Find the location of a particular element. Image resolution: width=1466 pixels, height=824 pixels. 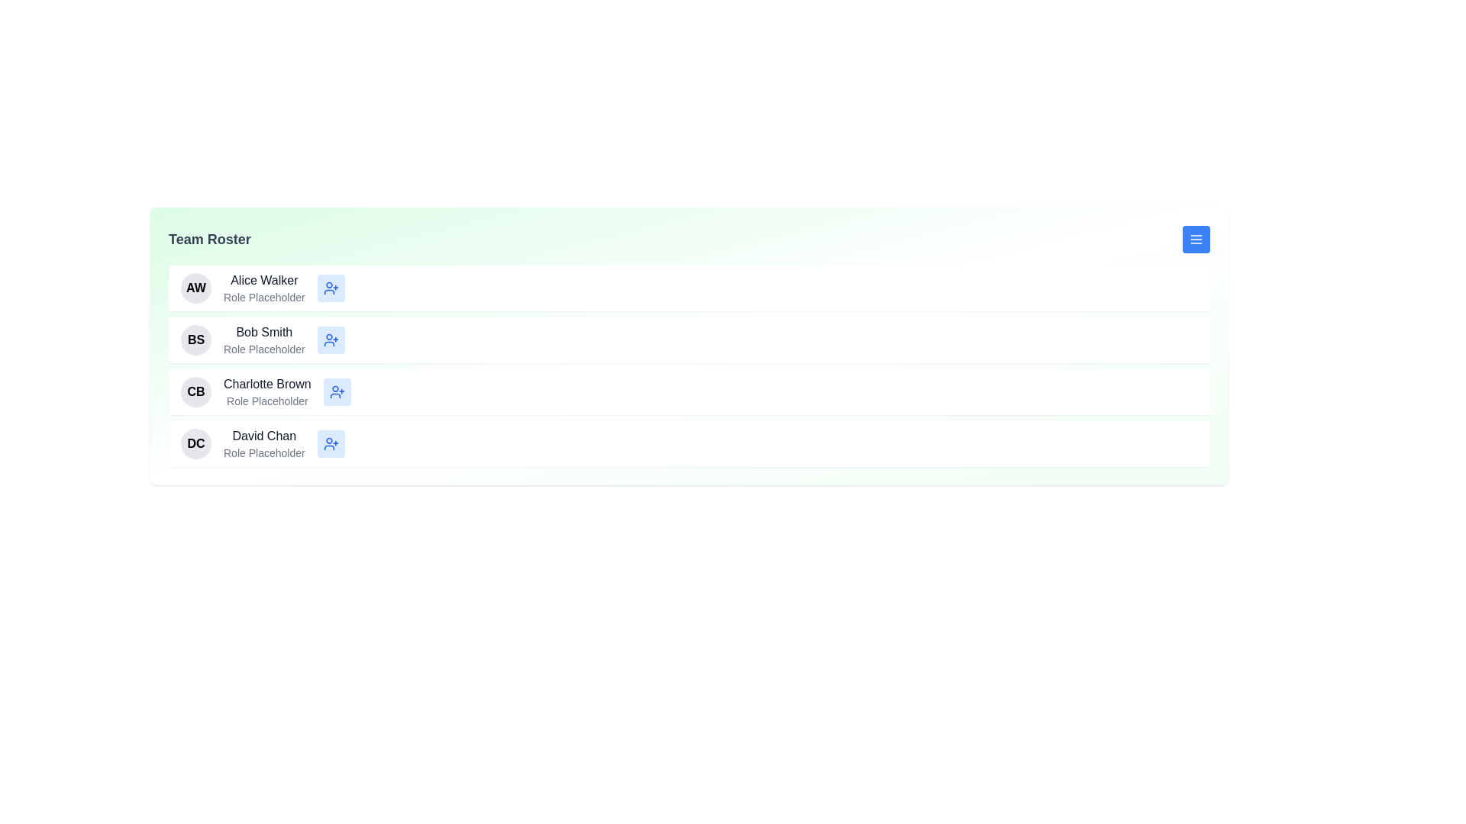

the button with a light blue background and a dark blue user icon with a plus sign, located to the far-right in the 'David Chan Role Placeholder' row is located at coordinates (330, 444).